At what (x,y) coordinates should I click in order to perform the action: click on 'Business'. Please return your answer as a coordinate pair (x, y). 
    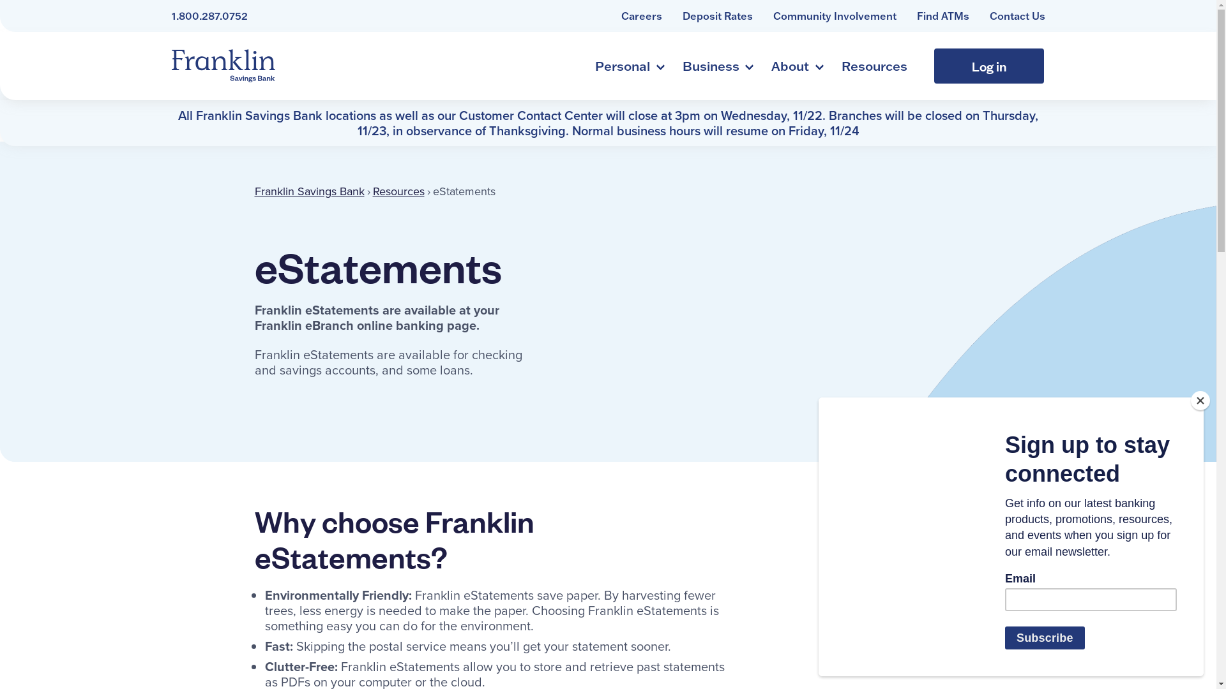
    Looking at the image, I should click on (716, 66).